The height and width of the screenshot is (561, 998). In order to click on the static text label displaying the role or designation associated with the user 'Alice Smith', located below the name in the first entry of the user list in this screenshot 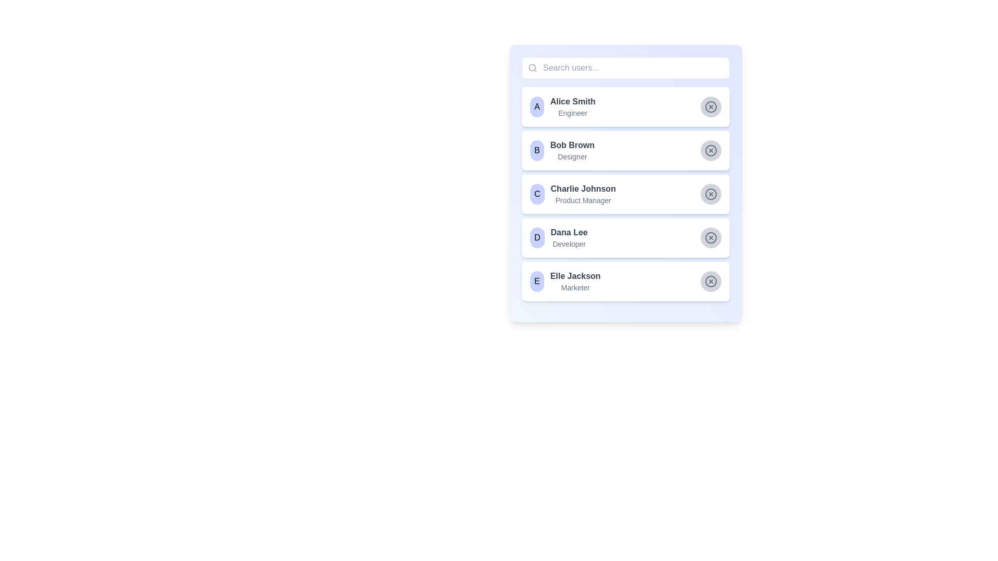, I will do `click(572, 113)`.